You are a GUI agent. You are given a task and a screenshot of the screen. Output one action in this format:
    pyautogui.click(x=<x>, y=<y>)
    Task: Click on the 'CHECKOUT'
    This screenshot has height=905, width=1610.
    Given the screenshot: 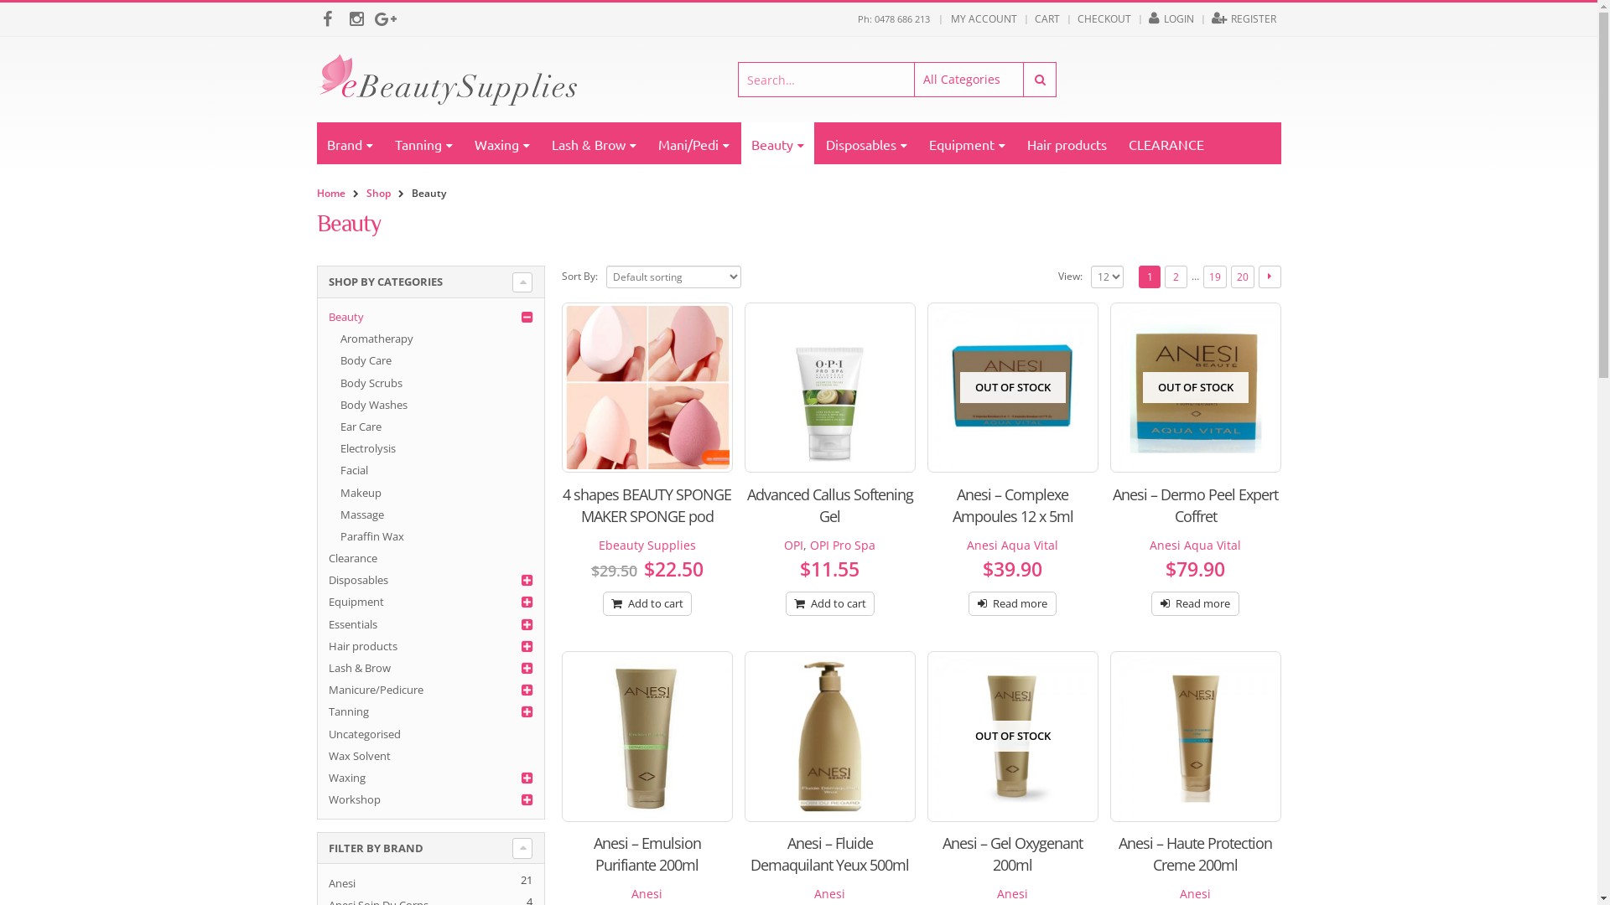 What is the action you would take?
    pyautogui.click(x=1073, y=19)
    